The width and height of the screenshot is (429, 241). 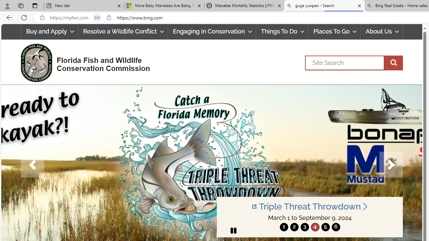 What do you see at coordinates (109, 17) in the screenshot?
I see `'View site information'` at bounding box center [109, 17].